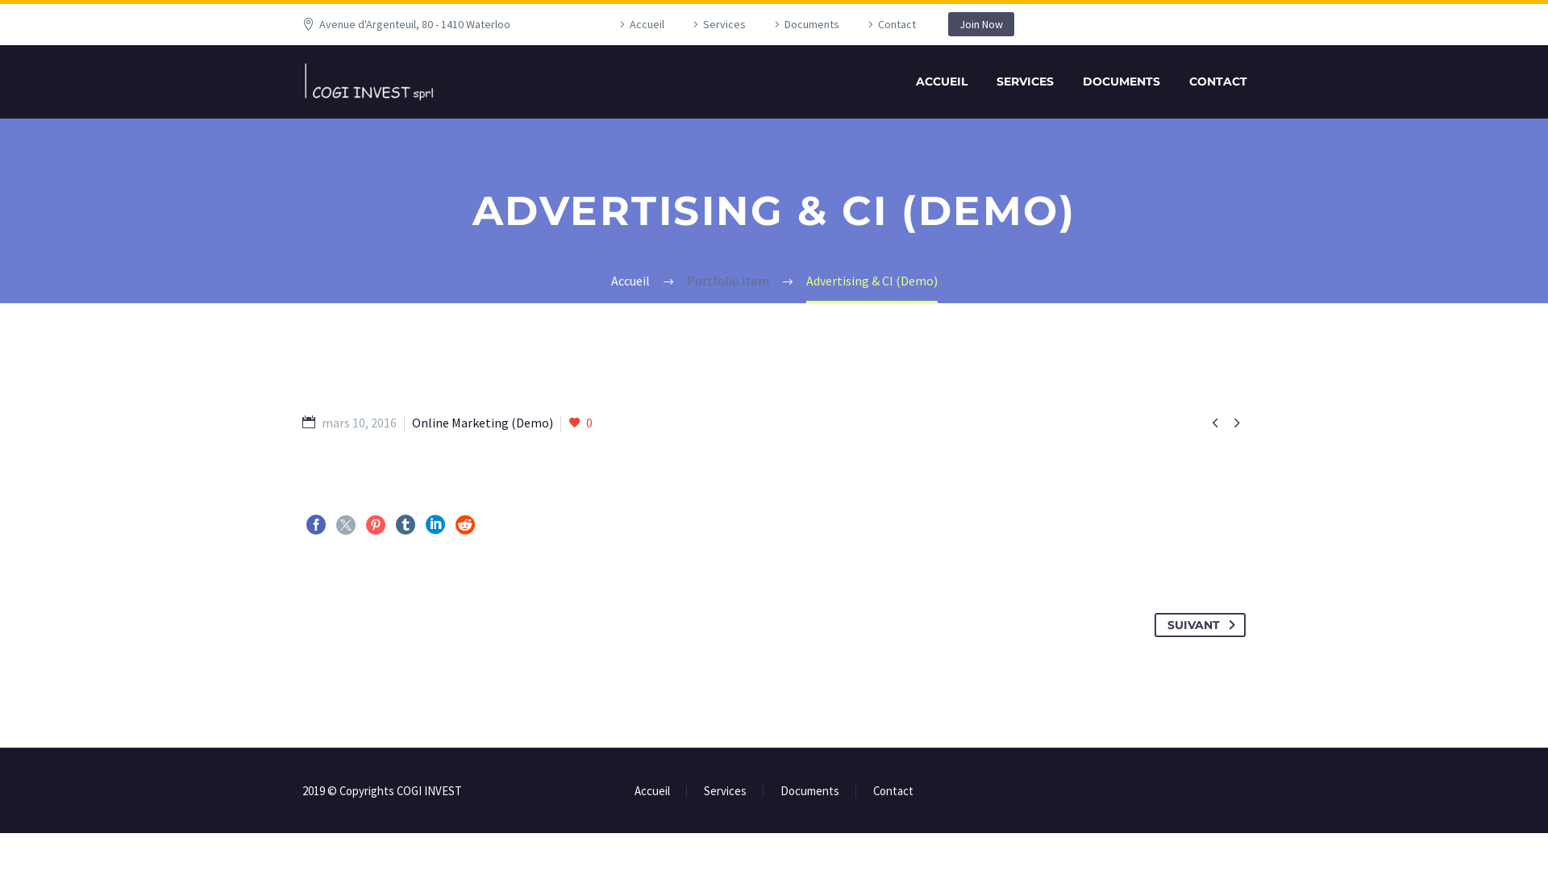 This screenshot has height=871, width=1548. What do you see at coordinates (1200, 624) in the screenshot?
I see `'SUIVANT'` at bounding box center [1200, 624].